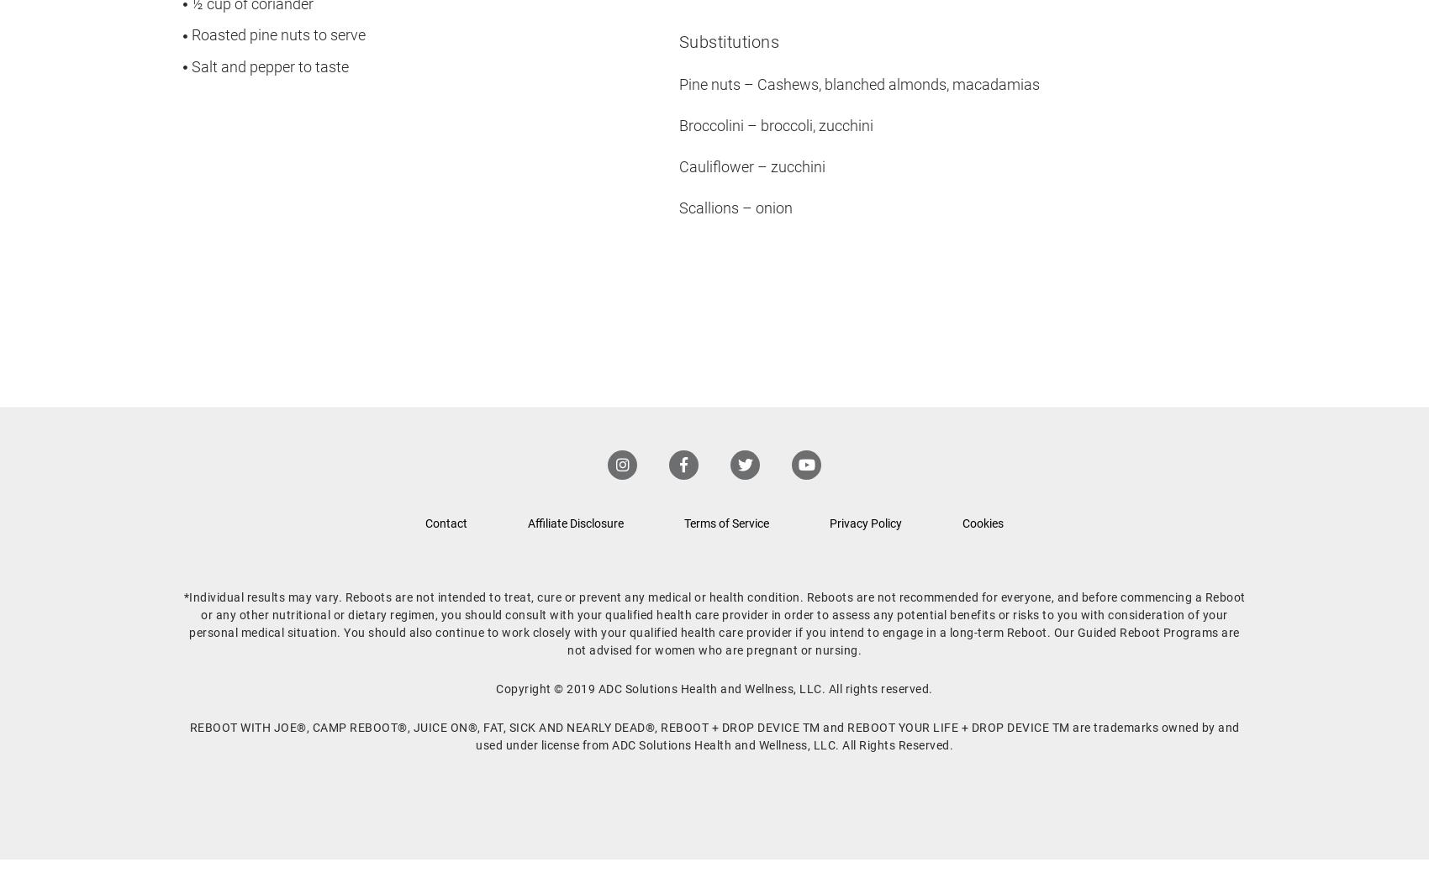 The height and width of the screenshot is (873, 1429). I want to click on 'Cookies', so click(983, 523).